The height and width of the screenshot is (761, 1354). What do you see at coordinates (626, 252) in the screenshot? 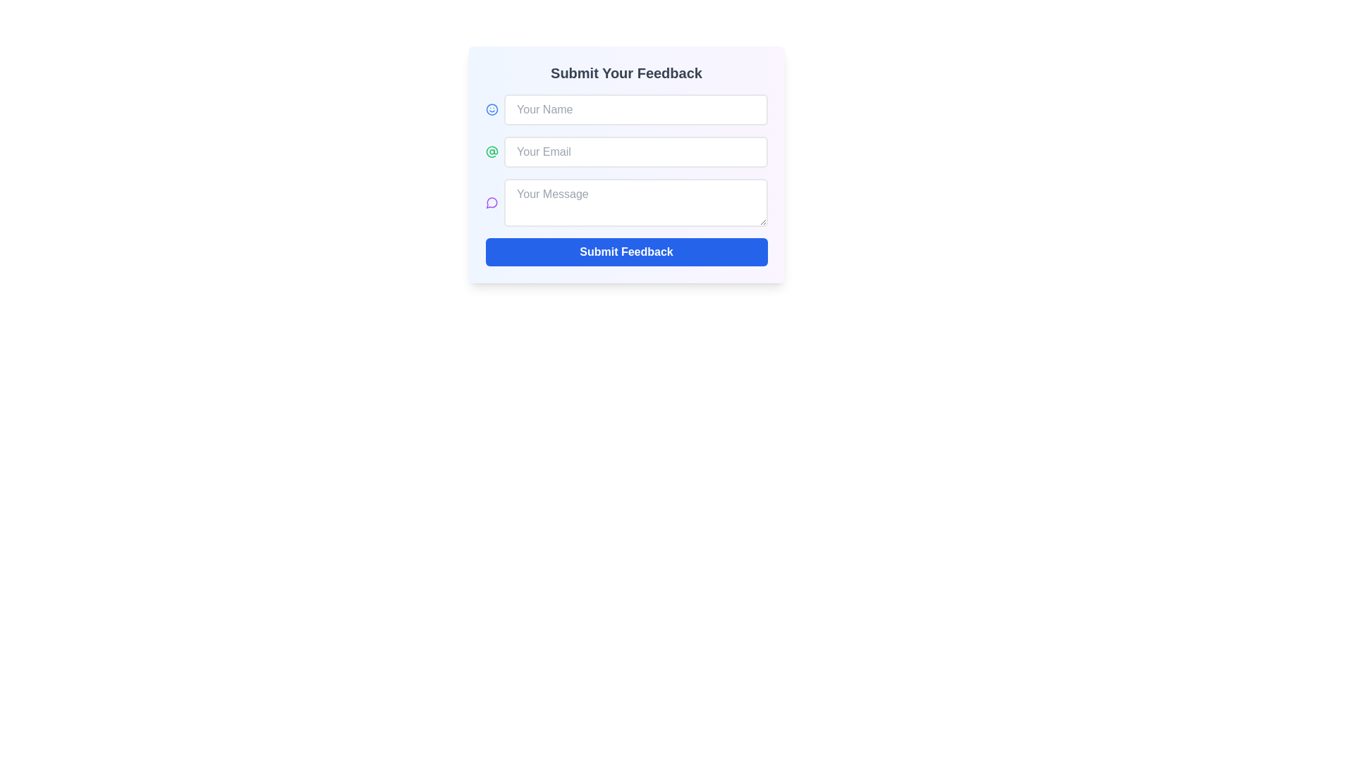
I see `the blue 'Submit Feedback' button at the bottom of the form interface to observe its visual changes` at bounding box center [626, 252].